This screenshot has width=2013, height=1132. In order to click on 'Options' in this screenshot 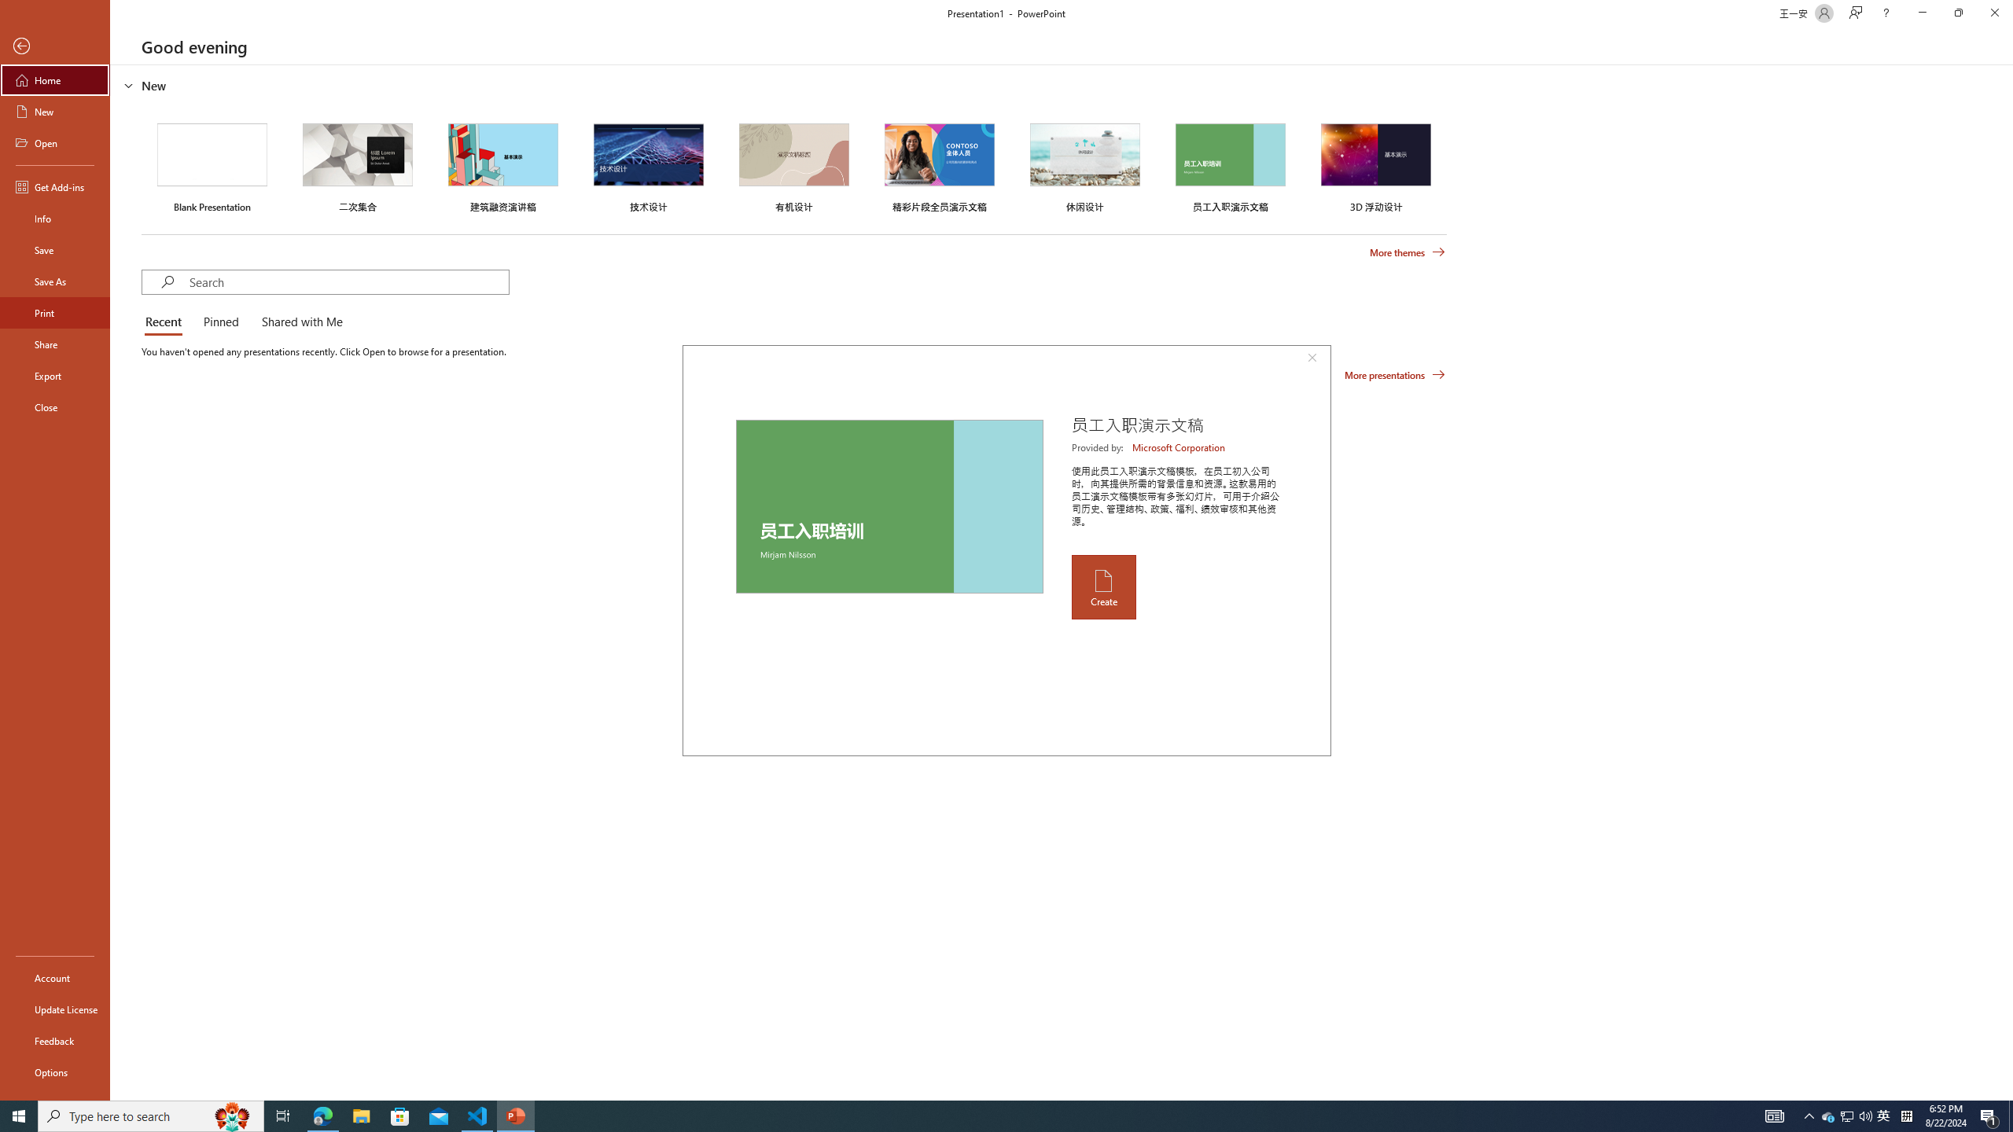, I will do `click(54, 1071)`.